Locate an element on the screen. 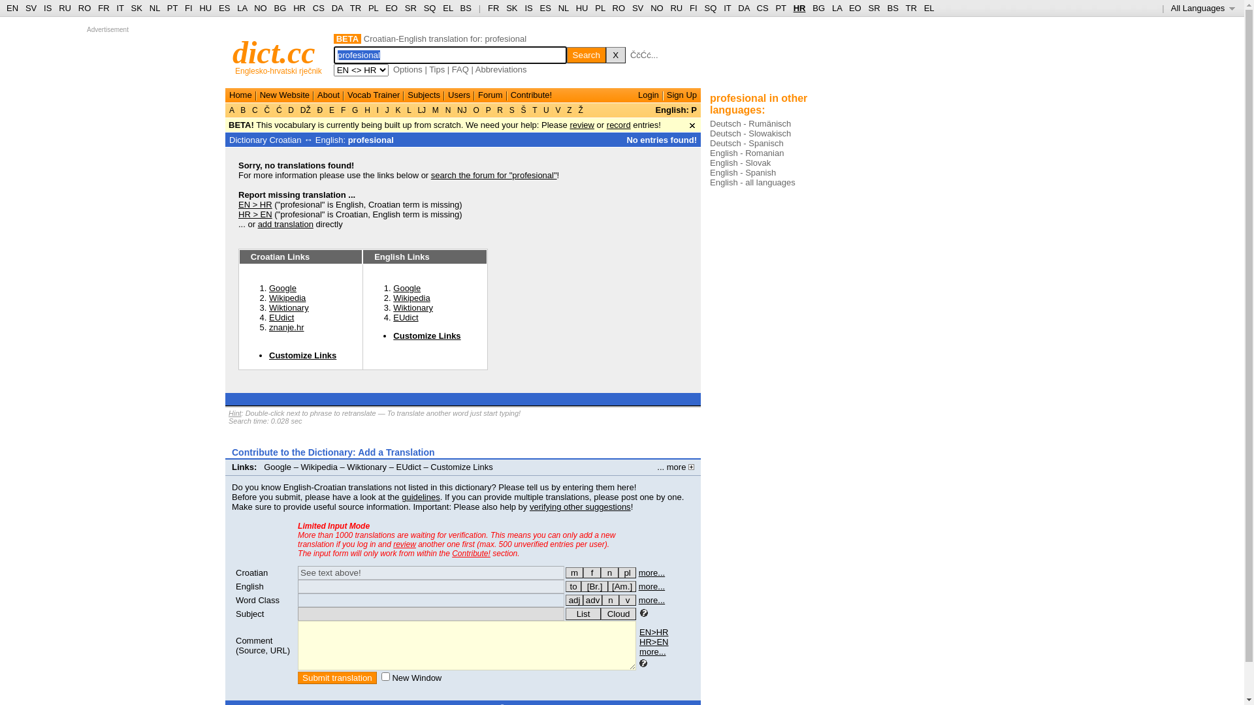  'IS' is located at coordinates (524, 8).